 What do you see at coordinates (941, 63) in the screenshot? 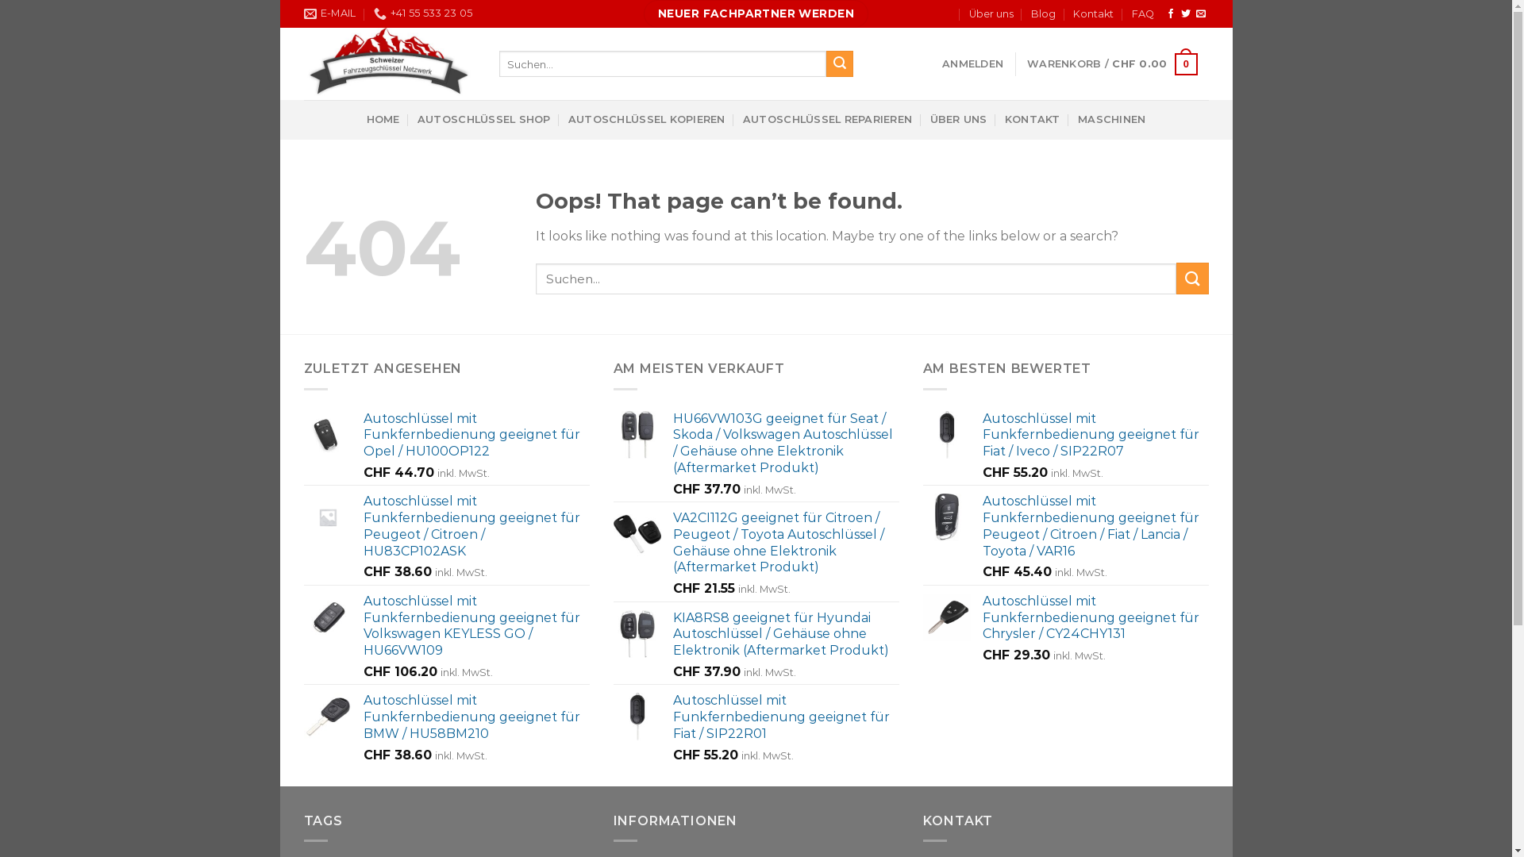
I see `'ANMELDEN'` at bounding box center [941, 63].